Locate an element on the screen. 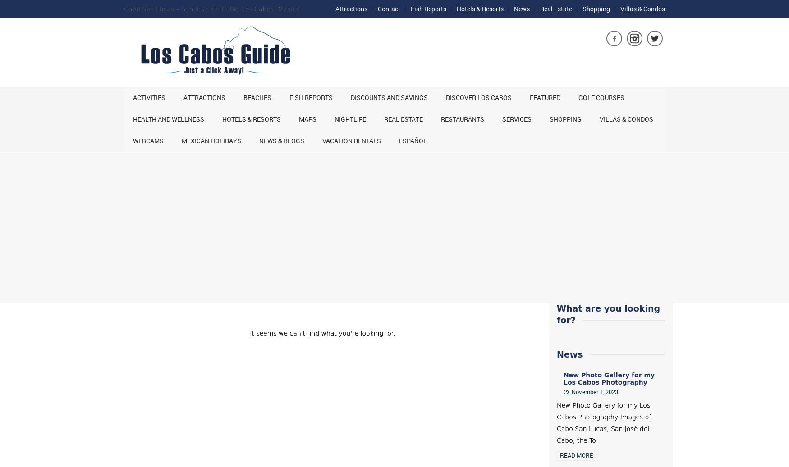  'Villas & Condos' is located at coordinates (626, 118).